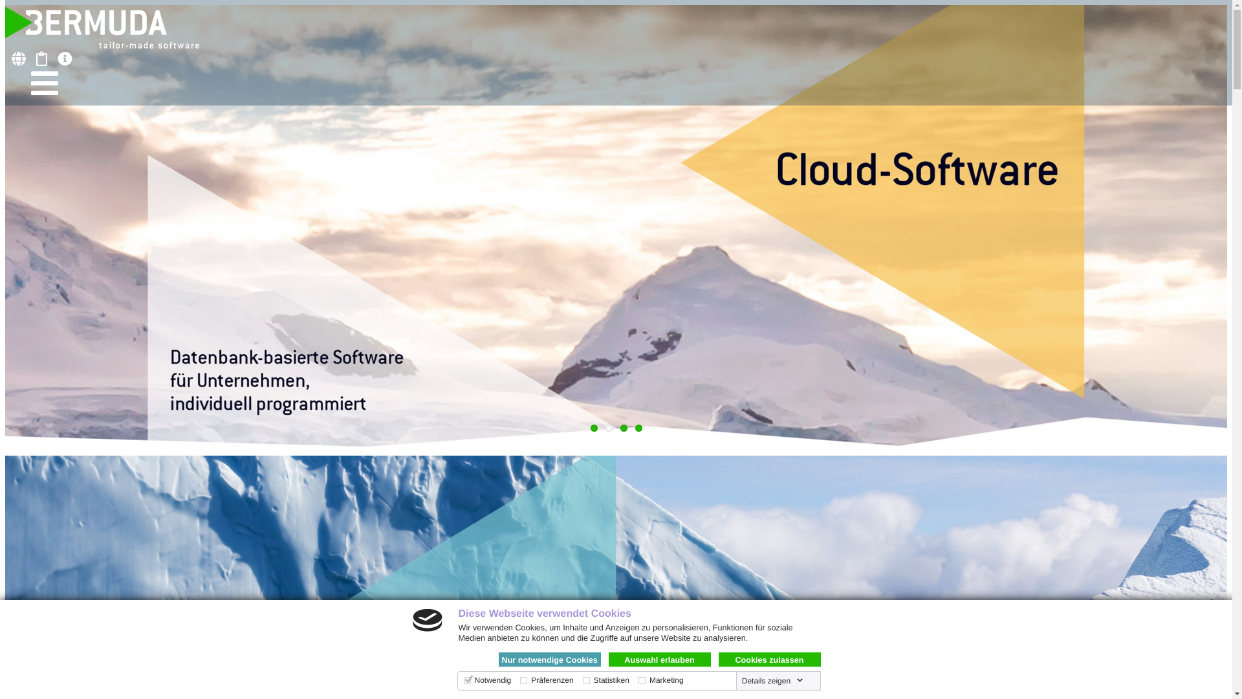 The image size is (1242, 699). Describe the element at coordinates (772, 680) in the screenshot. I see `'Details zeigen'` at that location.